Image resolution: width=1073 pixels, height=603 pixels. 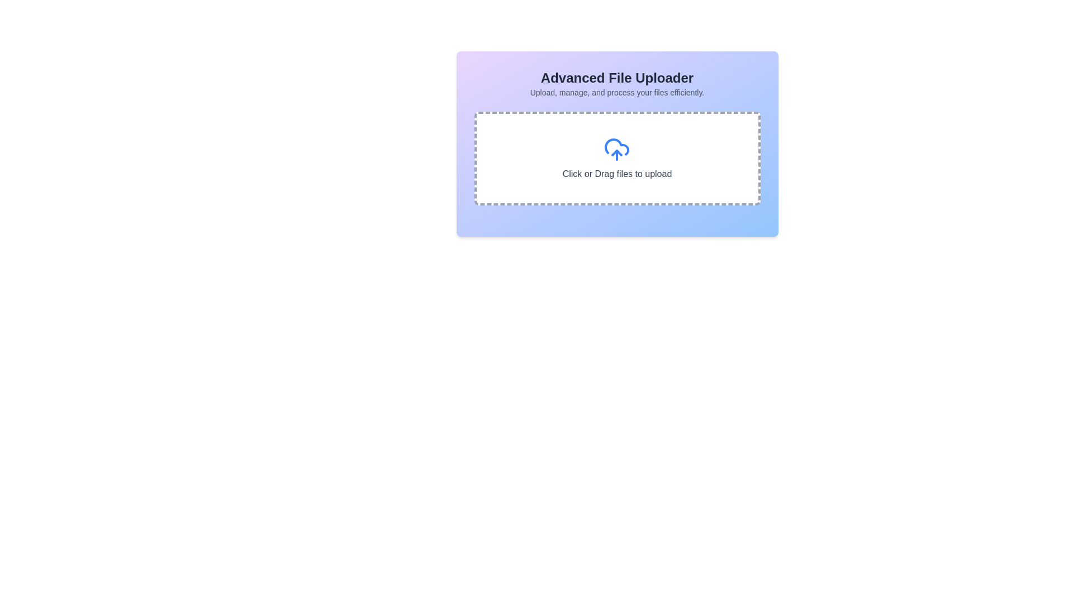 I want to click on the centrally located Upload interface component within the 'Advanced File Uploader' modal, so click(x=616, y=159).